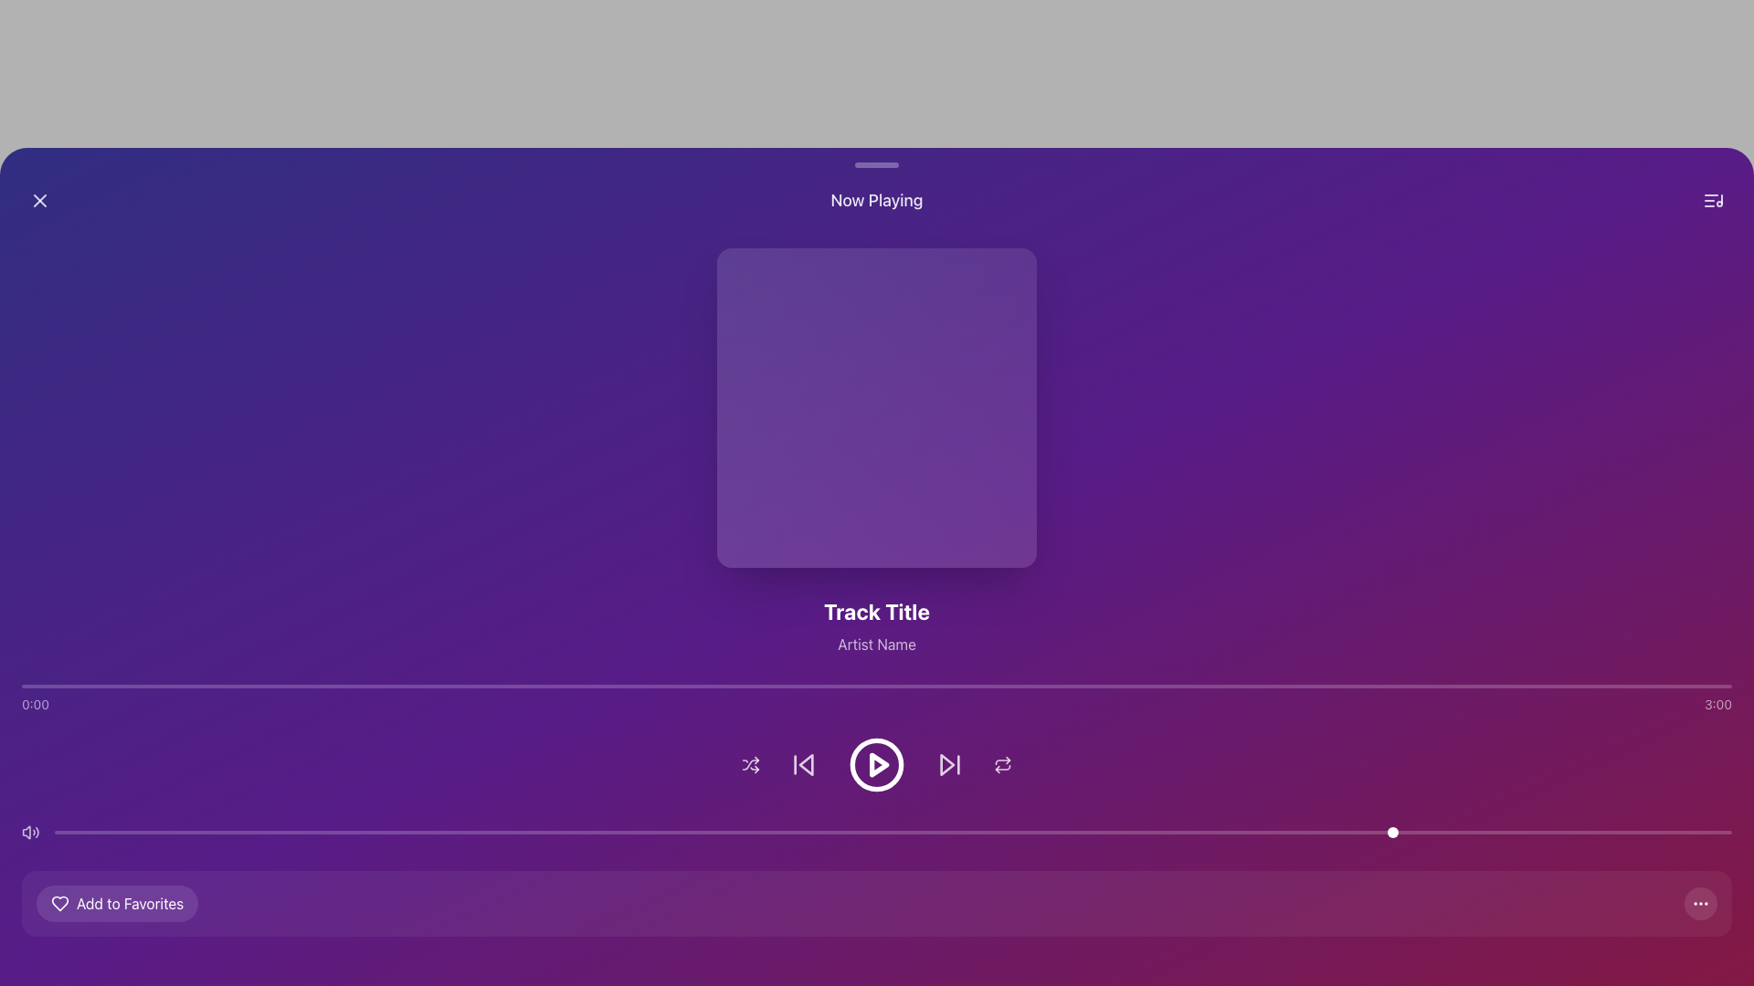 The width and height of the screenshot is (1754, 986). What do you see at coordinates (60, 904) in the screenshot?
I see `the heart icon located near the 'Add to Favorites' text to favorite or unfavorite an item` at bounding box center [60, 904].